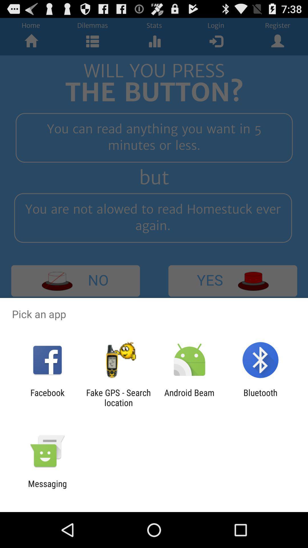 This screenshot has height=548, width=308. Describe the element at coordinates (47, 397) in the screenshot. I see `the app to the left of the fake gps search icon` at that location.